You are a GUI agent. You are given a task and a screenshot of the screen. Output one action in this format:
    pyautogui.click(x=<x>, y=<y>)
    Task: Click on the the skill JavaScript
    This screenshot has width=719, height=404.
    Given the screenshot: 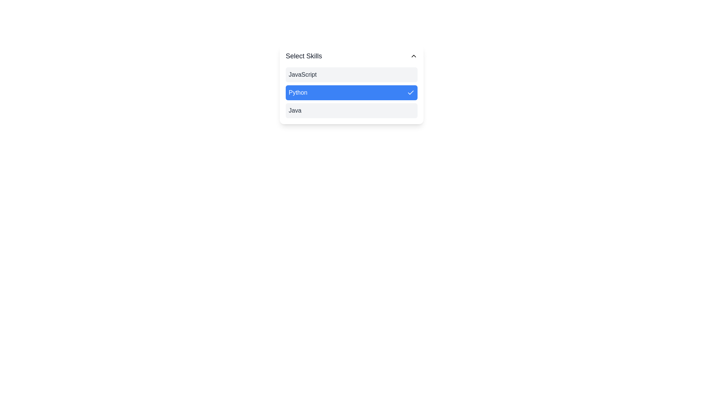 What is the action you would take?
    pyautogui.click(x=351, y=75)
    